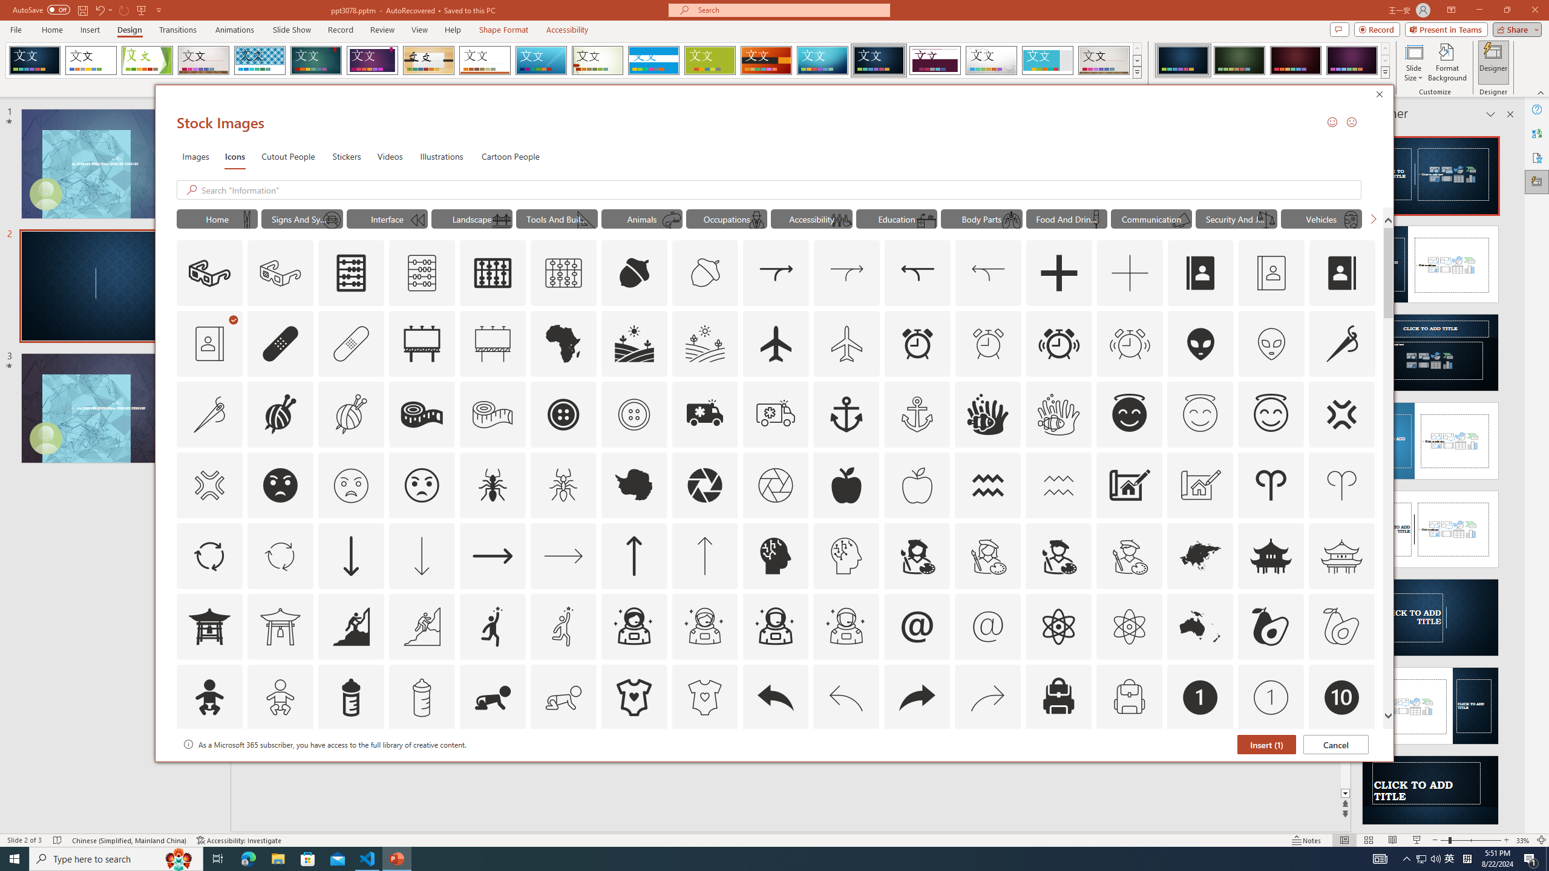 This screenshot has height=871, width=1549. What do you see at coordinates (209, 273) in the screenshot?
I see `'AutomationID: Icons_3dGlasses'` at bounding box center [209, 273].